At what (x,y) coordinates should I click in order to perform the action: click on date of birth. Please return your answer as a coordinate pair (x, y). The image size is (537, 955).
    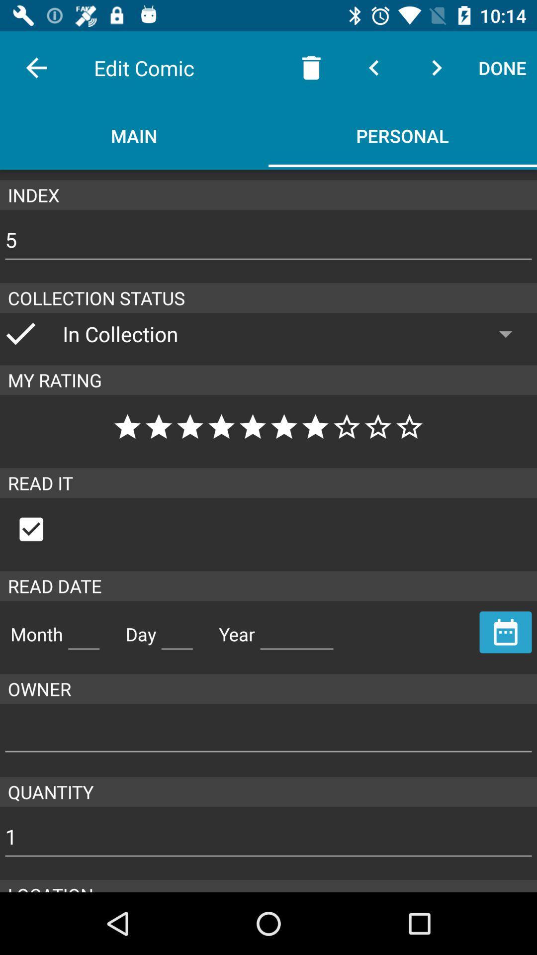
    Looking at the image, I should click on (177, 630).